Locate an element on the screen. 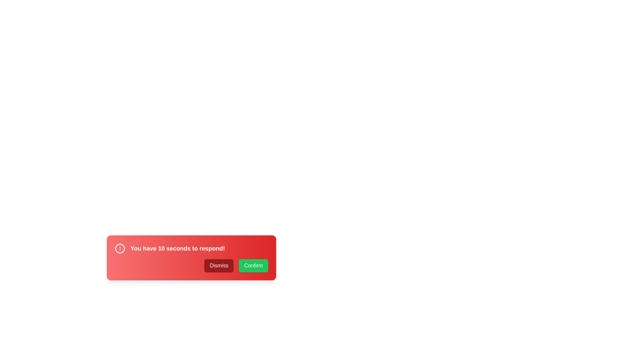 Image resolution: width=635 pixels, height=357 pixels. the 'Dismiss' button to dismiss the alert is located at coordinates (219, 265).